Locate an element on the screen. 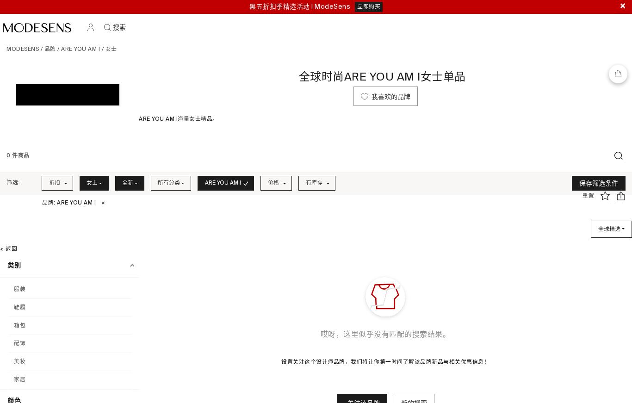  '筛选:' is located at coordinates (13, 182).